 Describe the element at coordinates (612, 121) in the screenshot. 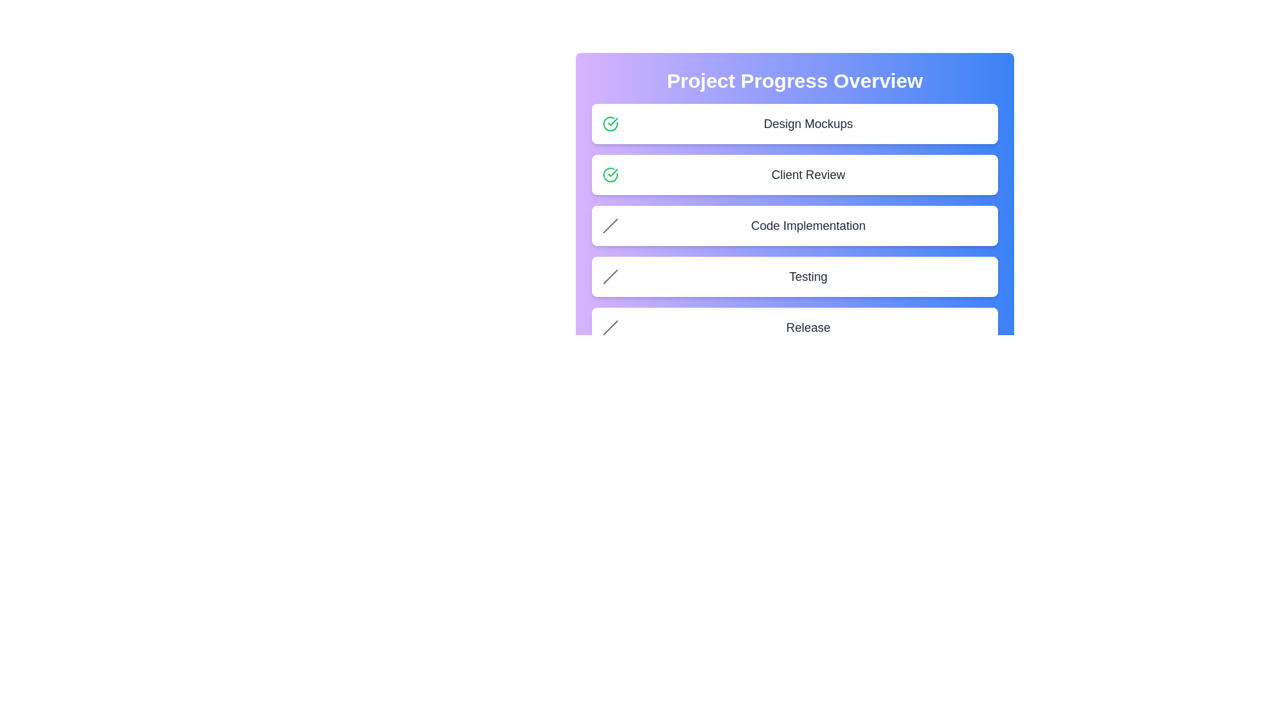

I see `the checkmark inside a circle icon that indicates the completion of the 'Client Review' task, located to the left of the text 'Client Review'` at that location.